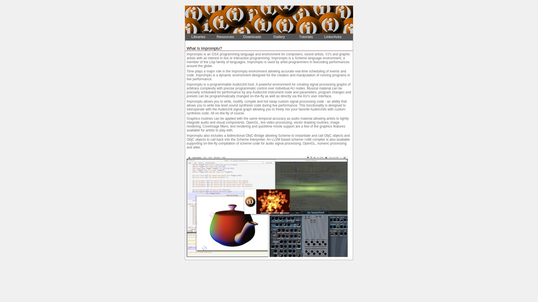  What do you see at coordinates (225, 37) in the screenshot?
I see `'Resources'` at bounding box center [225, 37].